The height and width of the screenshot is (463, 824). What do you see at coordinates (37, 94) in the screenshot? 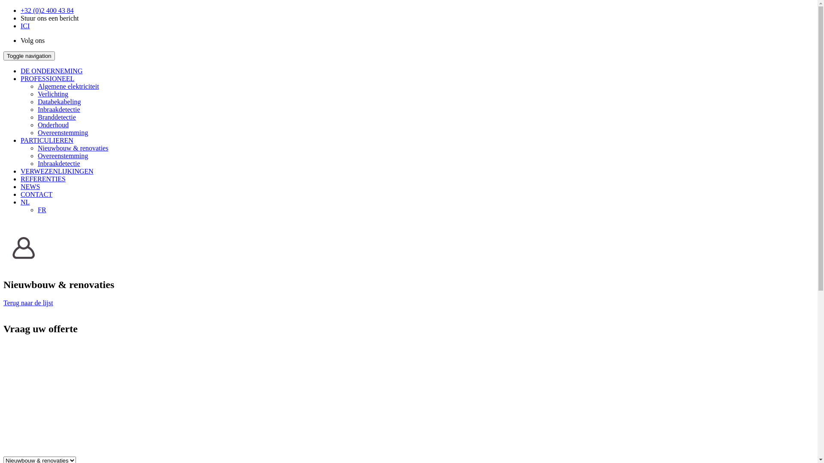
I see `'Verlichting'` at bounding box center [37, 94].